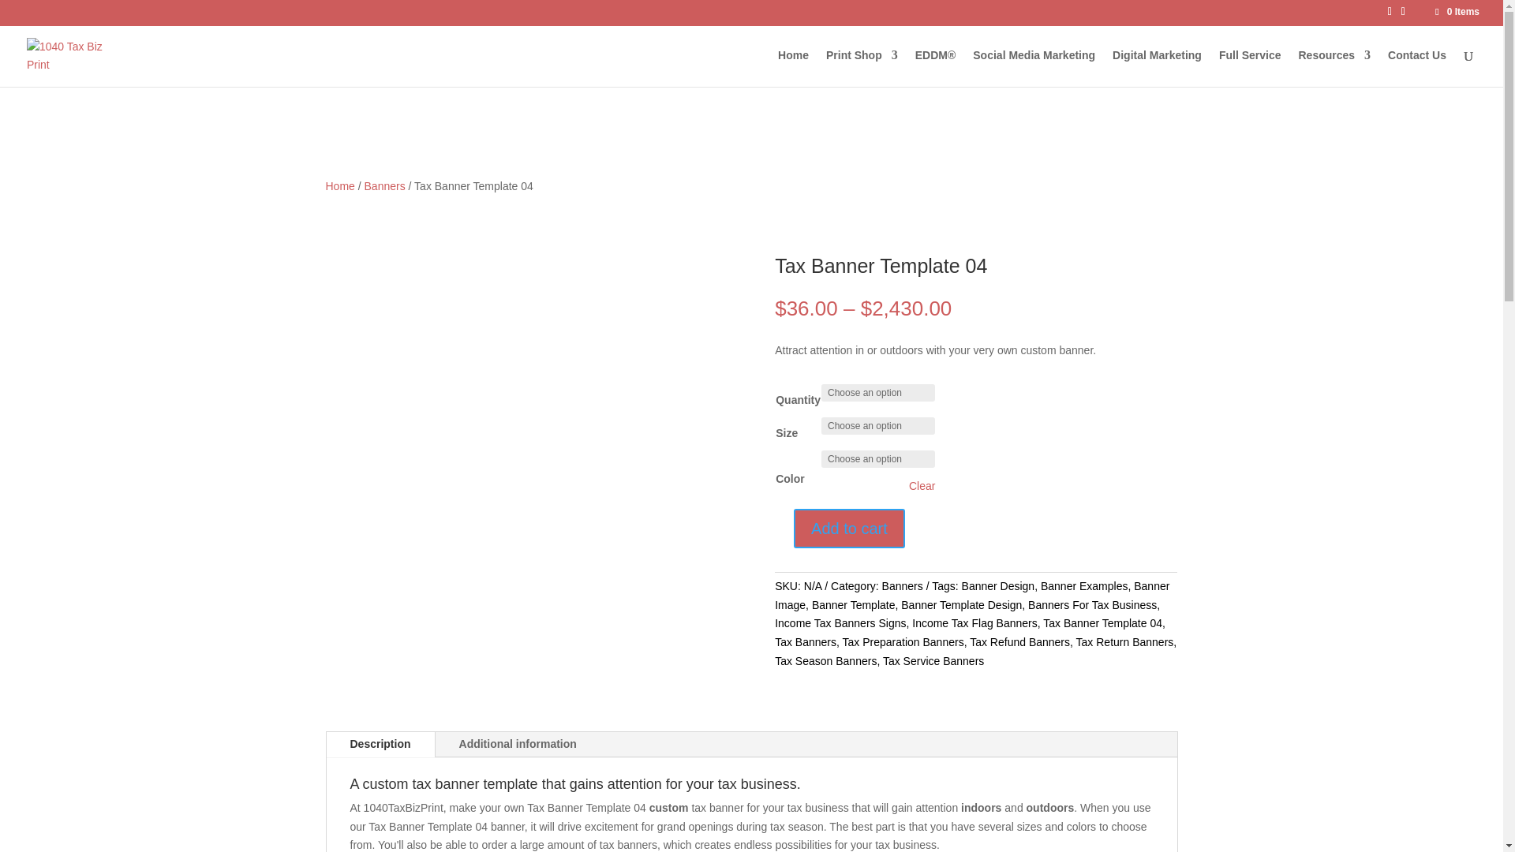 The image size is (1515, 852). What do you see at coordinates (960, 604) in the screenshot?
I see `'Banner Template Design'` at bounding box center [960, 604].